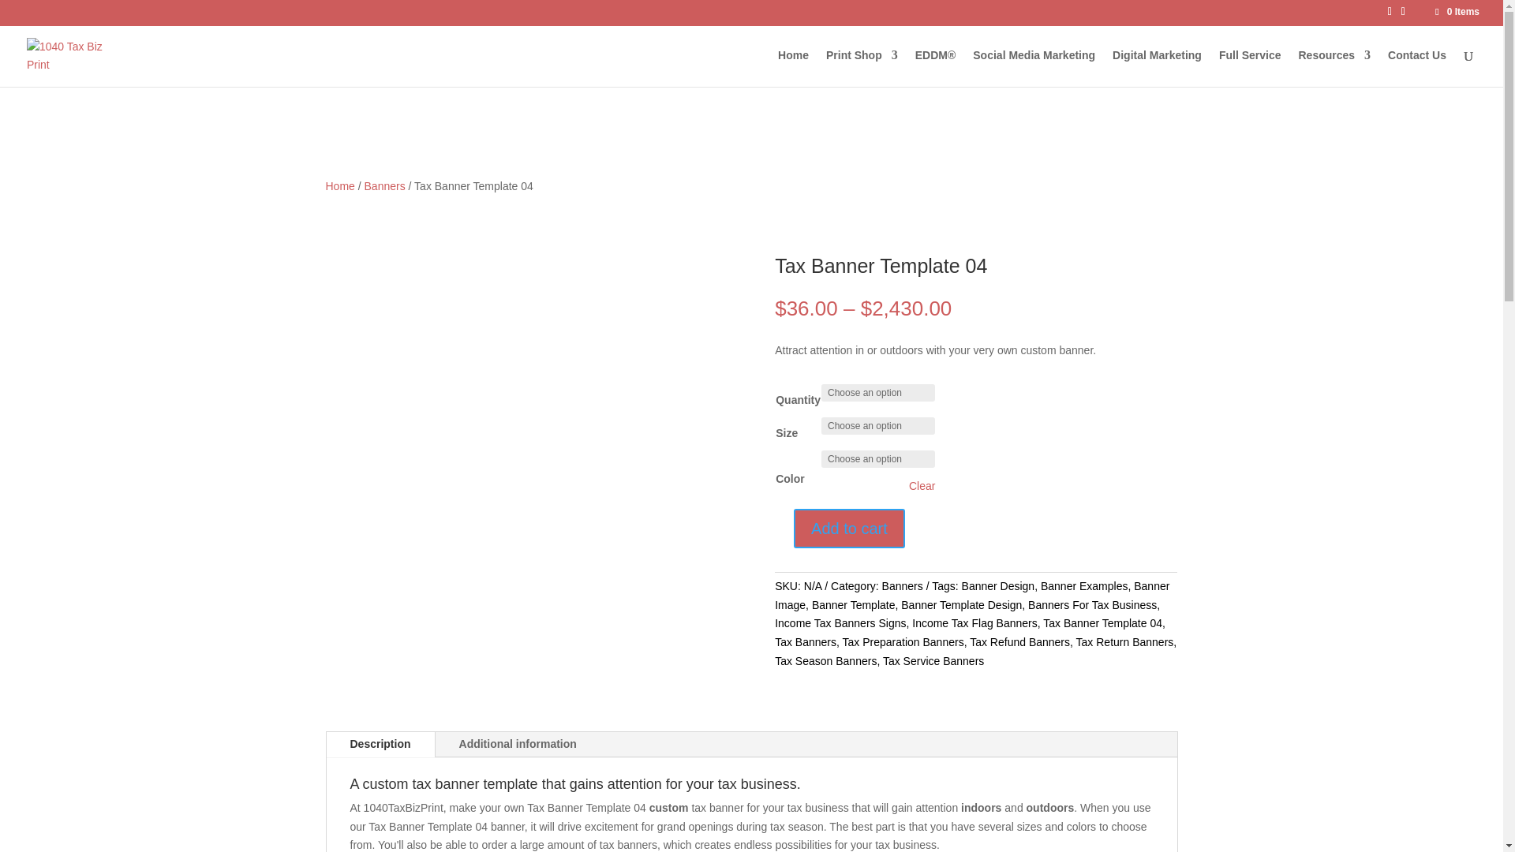 The image size is (1515, 852). What do you see at coordinates (960, 604) in the screenshot?
I see `'Banner Template Design'` at bounding box center [960, 604].